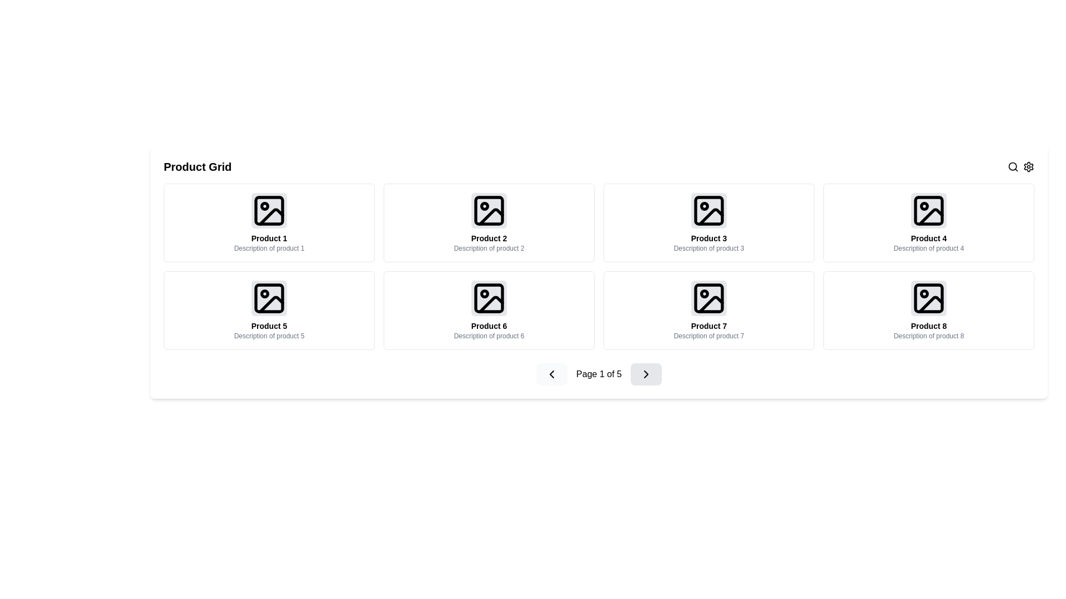  I want to click on the product title text located in the last column of the second row of the grid layout, so click(929, 325).